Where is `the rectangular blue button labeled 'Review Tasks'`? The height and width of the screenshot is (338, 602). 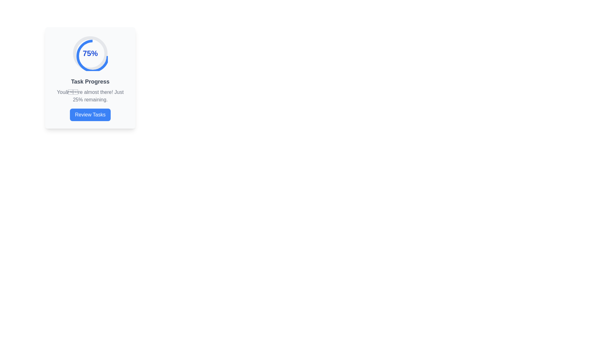 the rectangular blue button labeled 'Review Tasks' is located at coordinates (90, 115).